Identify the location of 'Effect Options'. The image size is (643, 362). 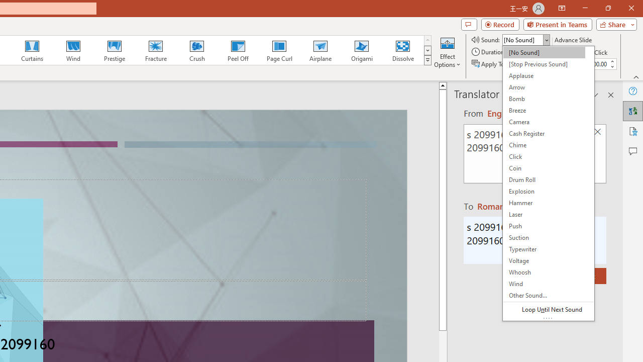
(447, 52).